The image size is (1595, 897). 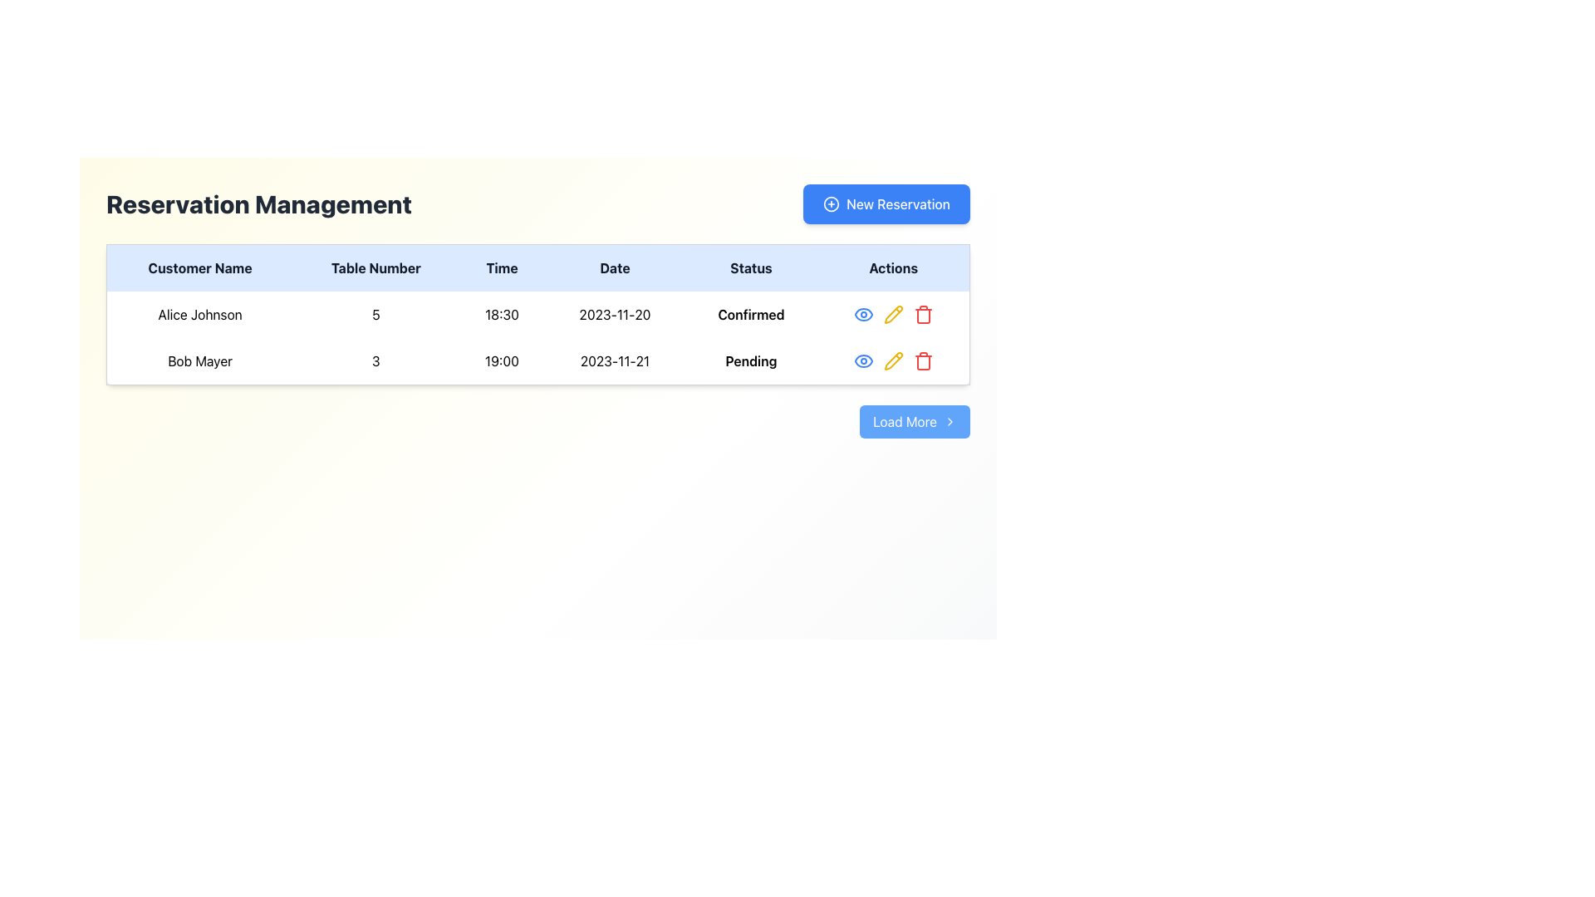 I want to click on the table header cell labeled 'Table Number', which is the second column header in a structured table layout, positioned between 'Customer Name' and 'Time', so click(x=375, y=267).